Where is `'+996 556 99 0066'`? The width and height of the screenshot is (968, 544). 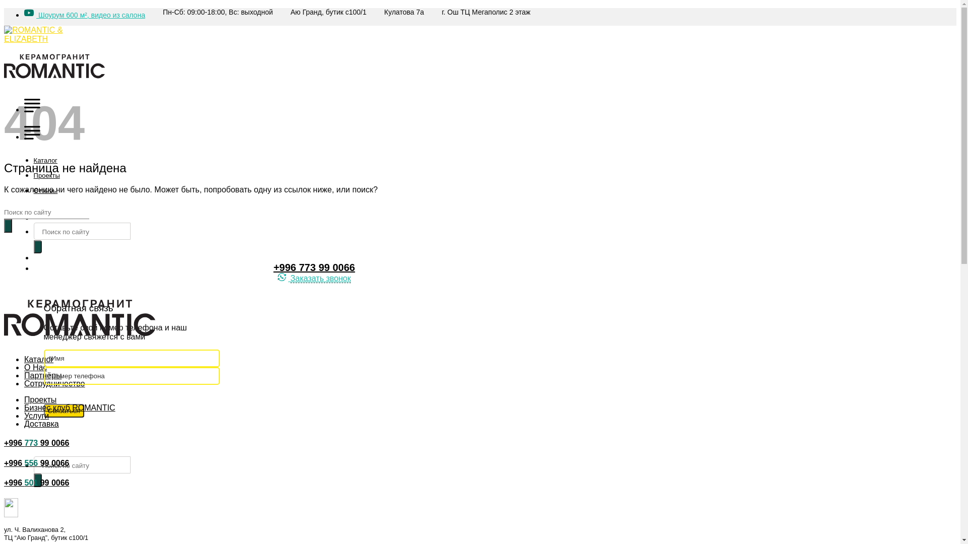 '+996 556 99 0066' is located at coordinates (36, 463).